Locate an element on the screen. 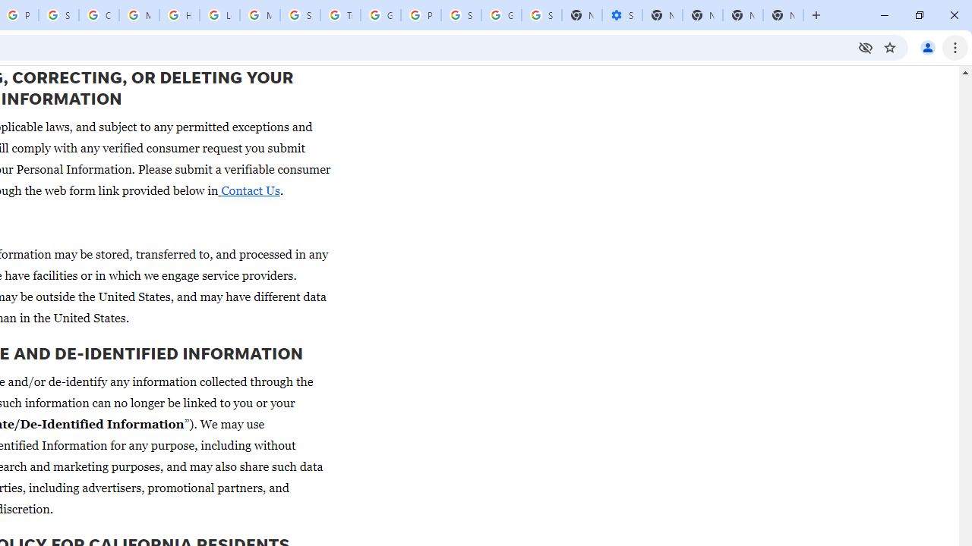 This screenshot has height=546, width=972. 'New Tab' is located at coordinates (783, 15).